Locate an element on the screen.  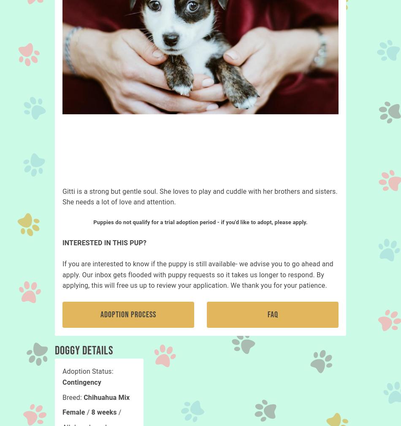
'Adoption Status:' is located at coordinates (87, 371).